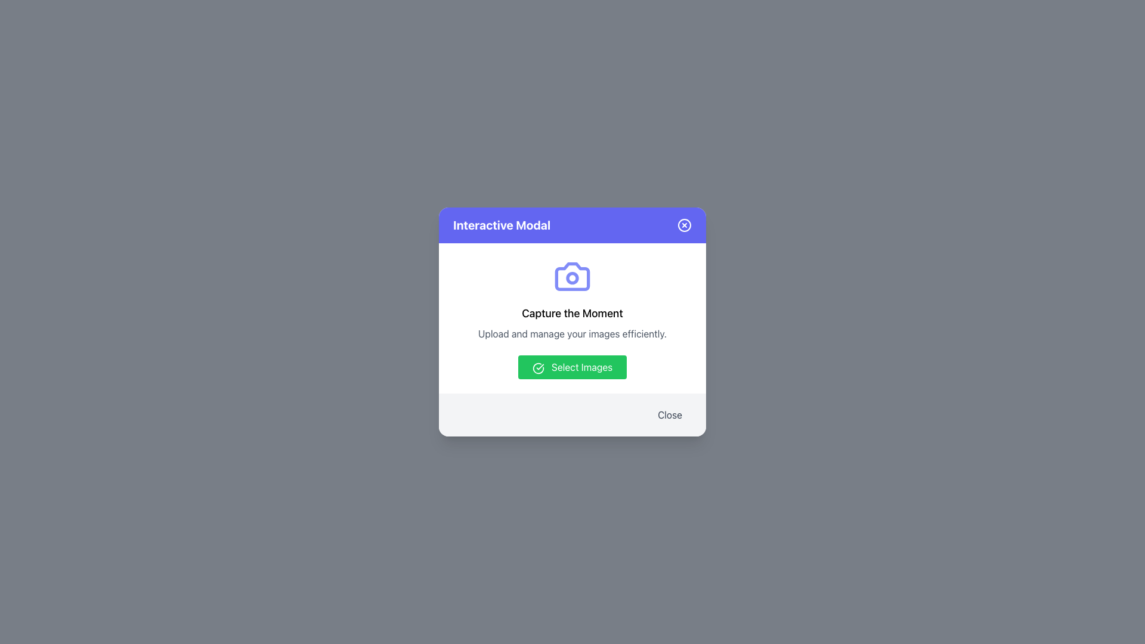  Describe the element at coordinates (572, 278) in the screenshot. I see `the small circular shape within the camera icon located at the center of the dialog box, above the text 'Capture the Moment'` at that location.